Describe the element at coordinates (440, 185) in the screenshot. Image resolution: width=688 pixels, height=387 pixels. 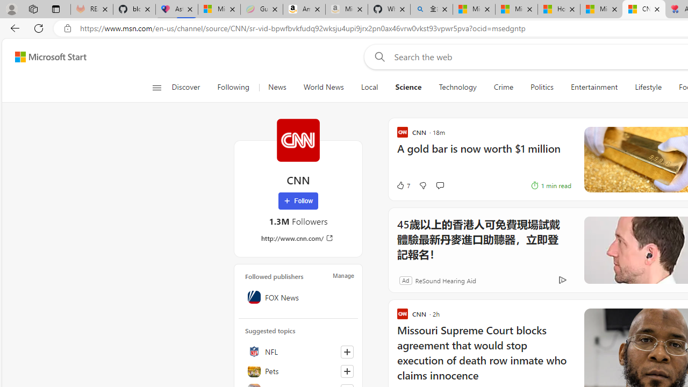
I see `'Start the conversation'` at that location.